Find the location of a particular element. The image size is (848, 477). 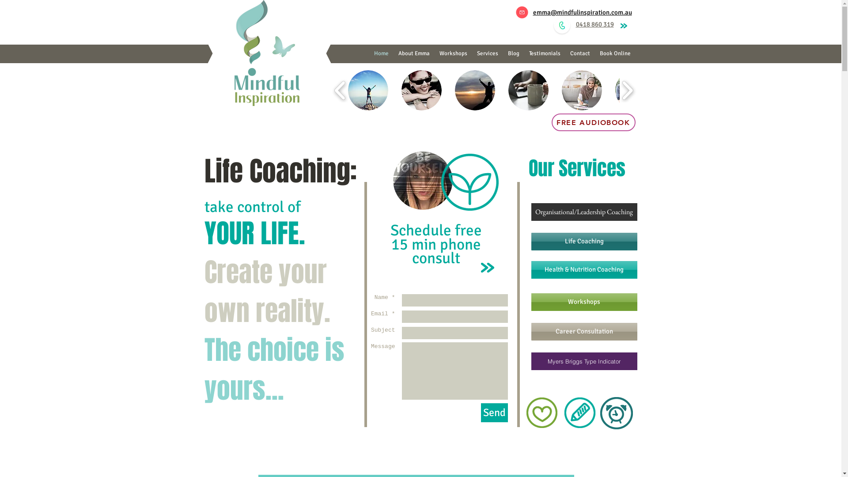

'Testimonials' is located at coordinates (523, 53).